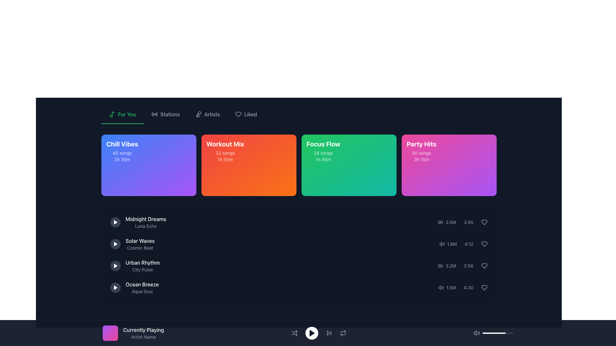 This screenshot has height=346, width=616. I want to click on displayed text from the Text display component that shows 'Currently Playing' and 'Artist Name' located near the bottom center of the application interface, so click(143, 333).